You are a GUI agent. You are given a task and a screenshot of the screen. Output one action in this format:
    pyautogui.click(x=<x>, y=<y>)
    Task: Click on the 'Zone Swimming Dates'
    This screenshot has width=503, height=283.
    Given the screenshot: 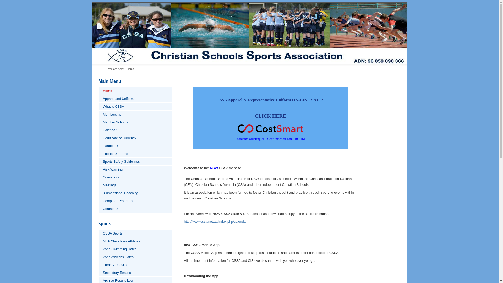 What is the action you would take?
    pyautogui.click(x=136, y=249)
    